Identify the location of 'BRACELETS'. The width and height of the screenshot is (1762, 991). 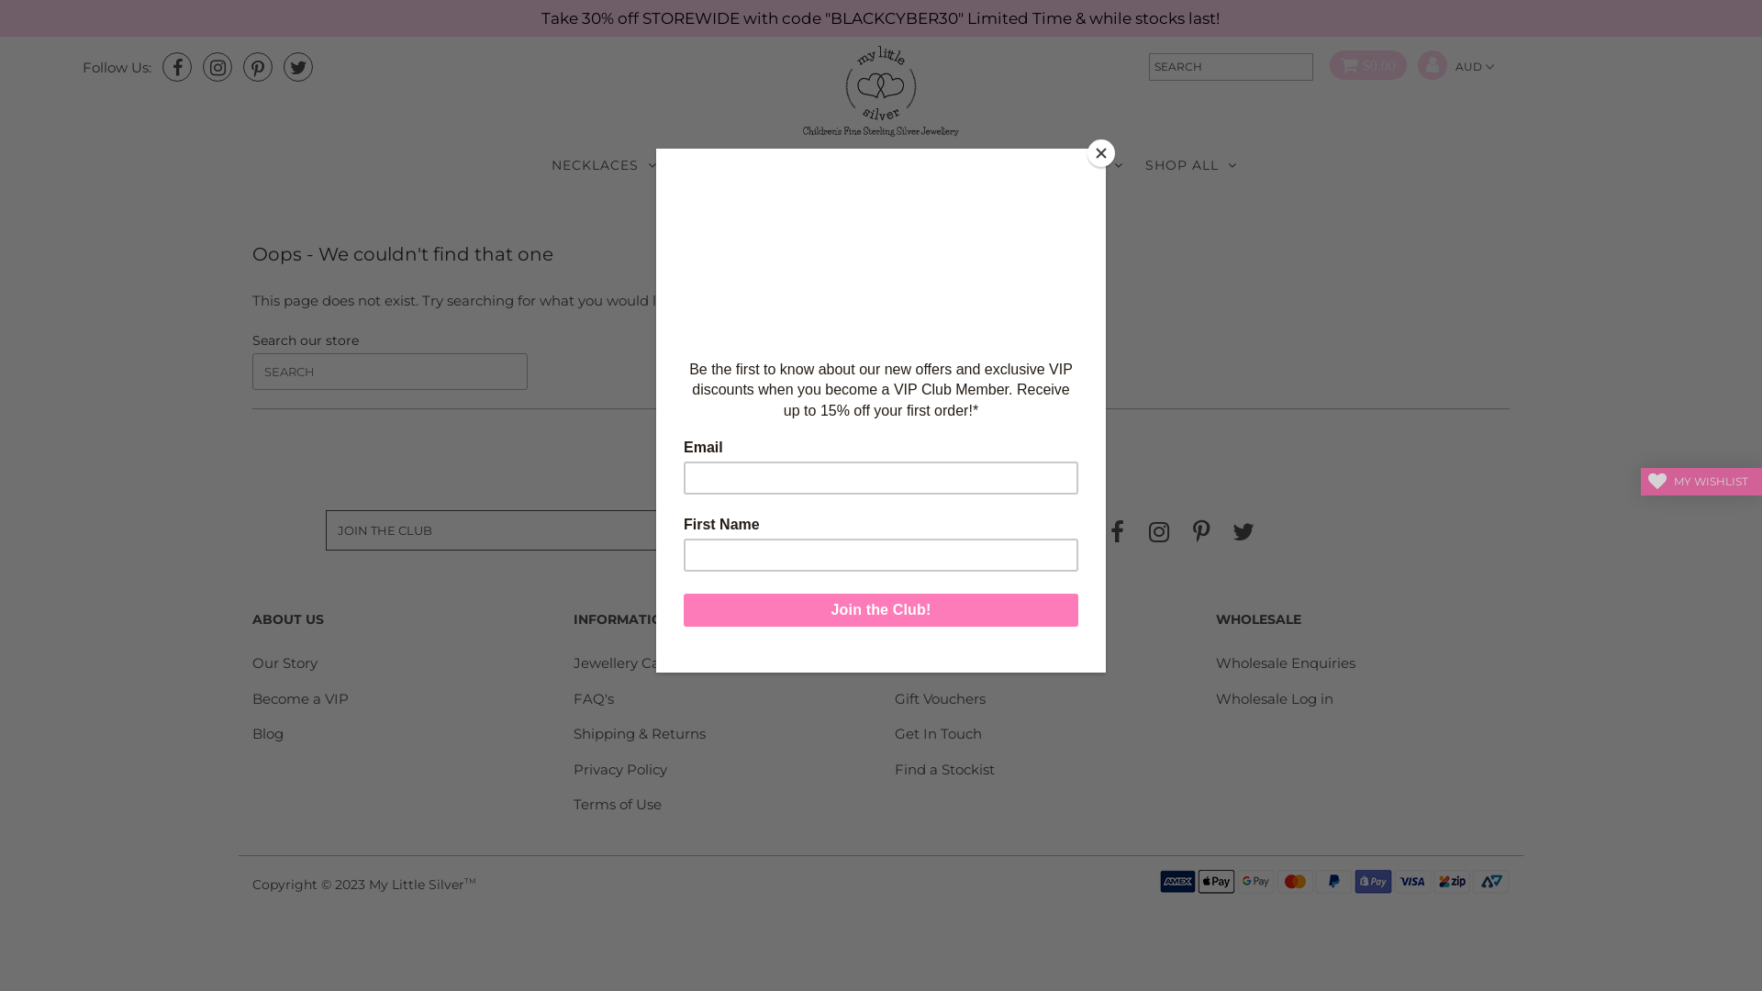
(845, 165).